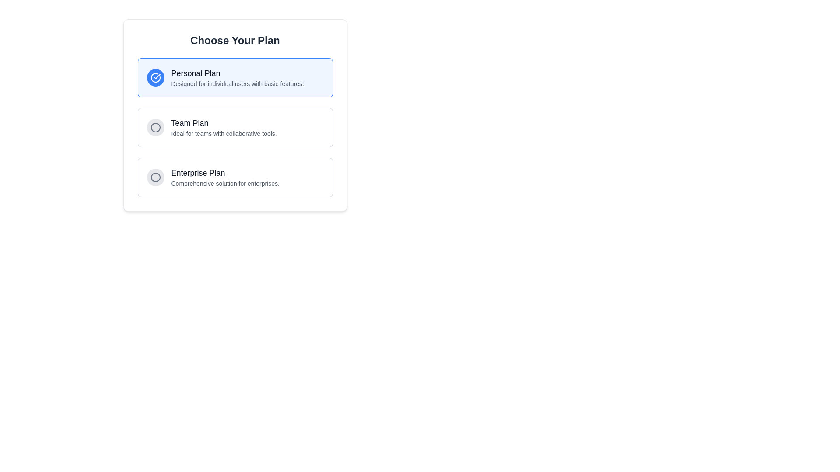 The image size is (840, 472). Describe the element at coordinates (155, 77) in the screenshot. I see `the circular SVG icon with a checkmark inside, located within the blue circular badge to the left of the text 'Personal Plan' in the 'Choose Your Plan' section` at that location.